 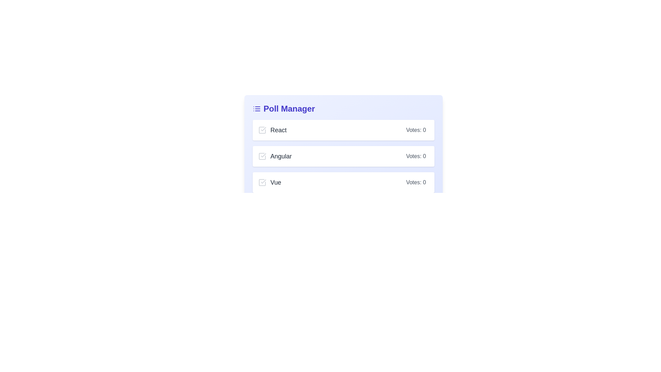 What do you see at coordinates (263, 181) in the screenshot?
I see `the checkmark icon representing the 'Vue' option` at bounding box center [263, 181].